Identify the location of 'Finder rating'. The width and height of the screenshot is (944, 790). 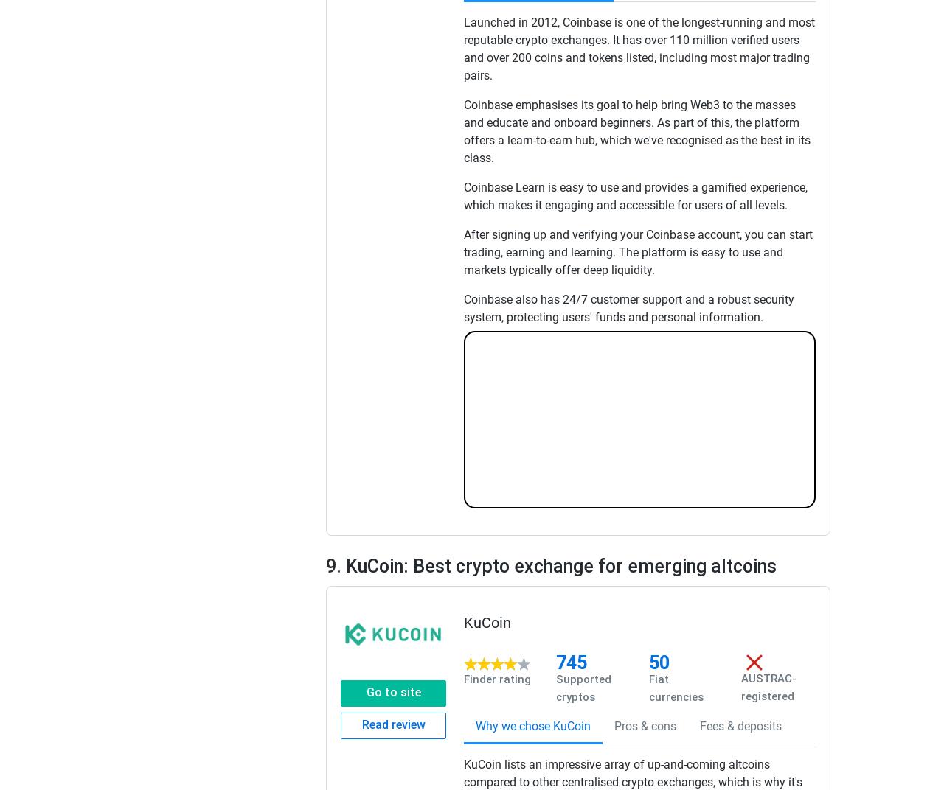
(497, 679).